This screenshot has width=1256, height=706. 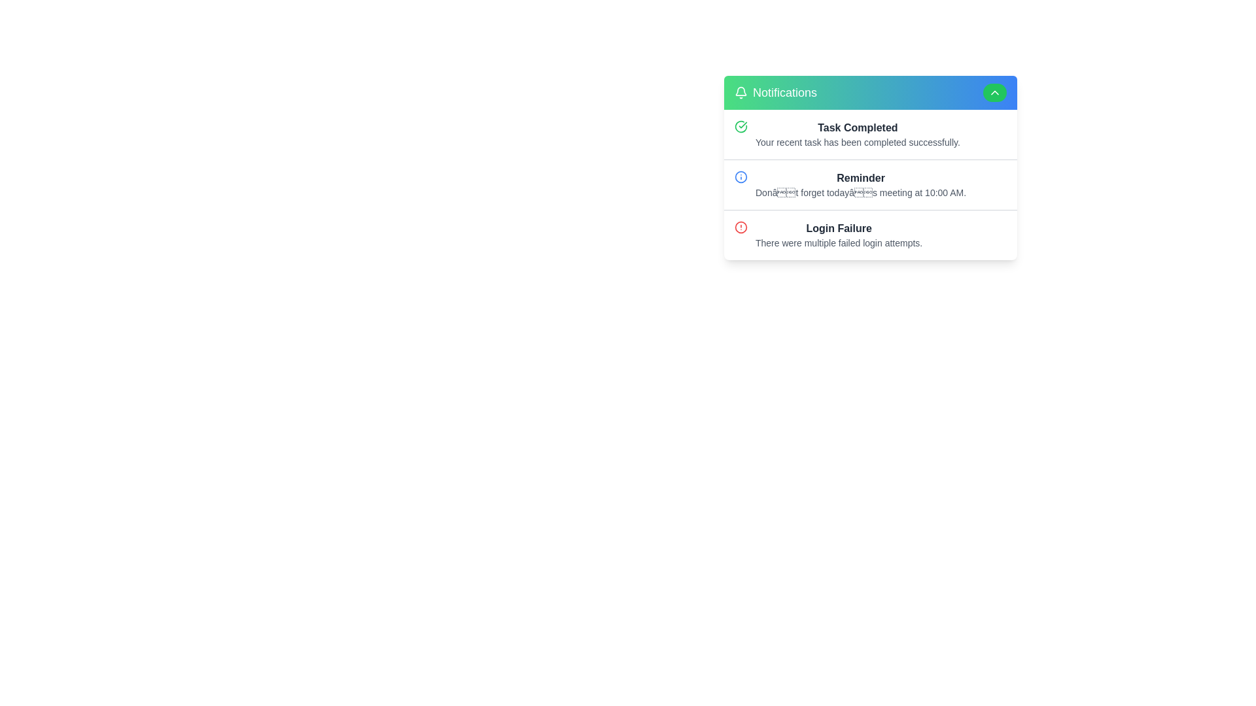 What do you see at coordinates (839, 234) in the screenshot?
I see `information displayed in the notification card titled 'Login Failure', which includes the subtext about multiple failed login attempts` at bounding box center [839, 234].